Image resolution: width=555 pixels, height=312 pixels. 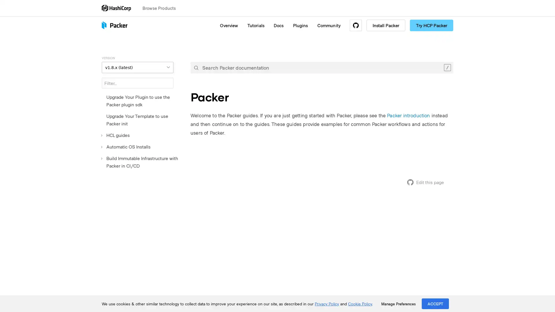 What do you see at coordinates (435, 303) in the screenshot?
I see `ACCEPT` at bounding box center [435, 303].